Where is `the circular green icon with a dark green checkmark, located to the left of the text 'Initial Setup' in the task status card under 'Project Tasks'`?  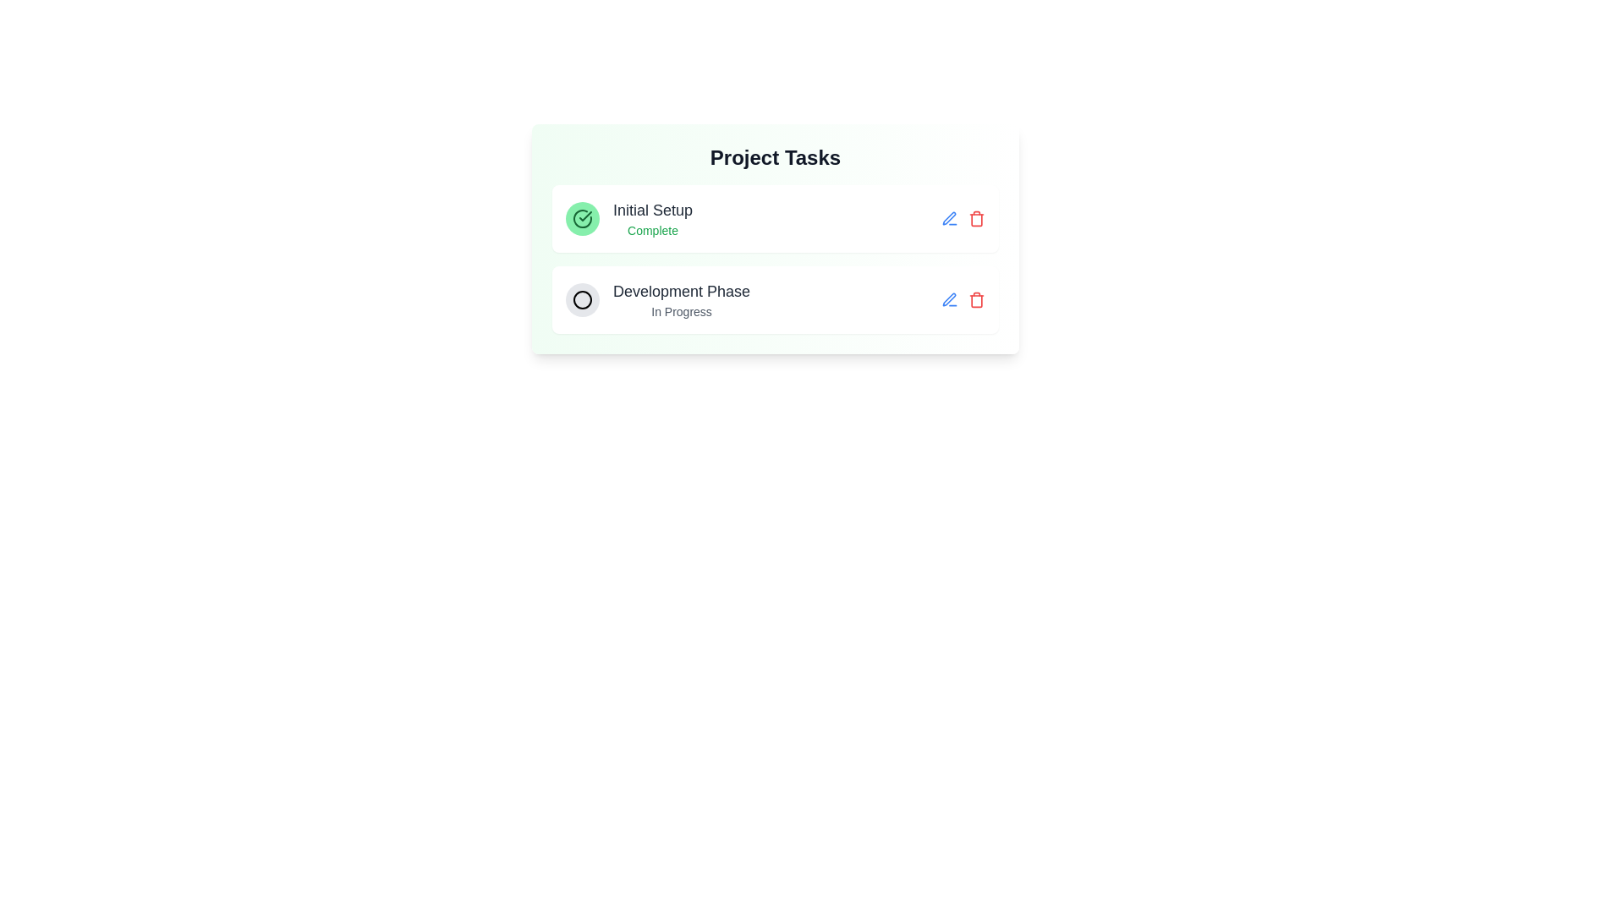
the circular green icon with a dark green checkmark, located to the left of the text 'Initial Setup' in the task status card under 'Project Tasks' is located at coordinates (583, 217).